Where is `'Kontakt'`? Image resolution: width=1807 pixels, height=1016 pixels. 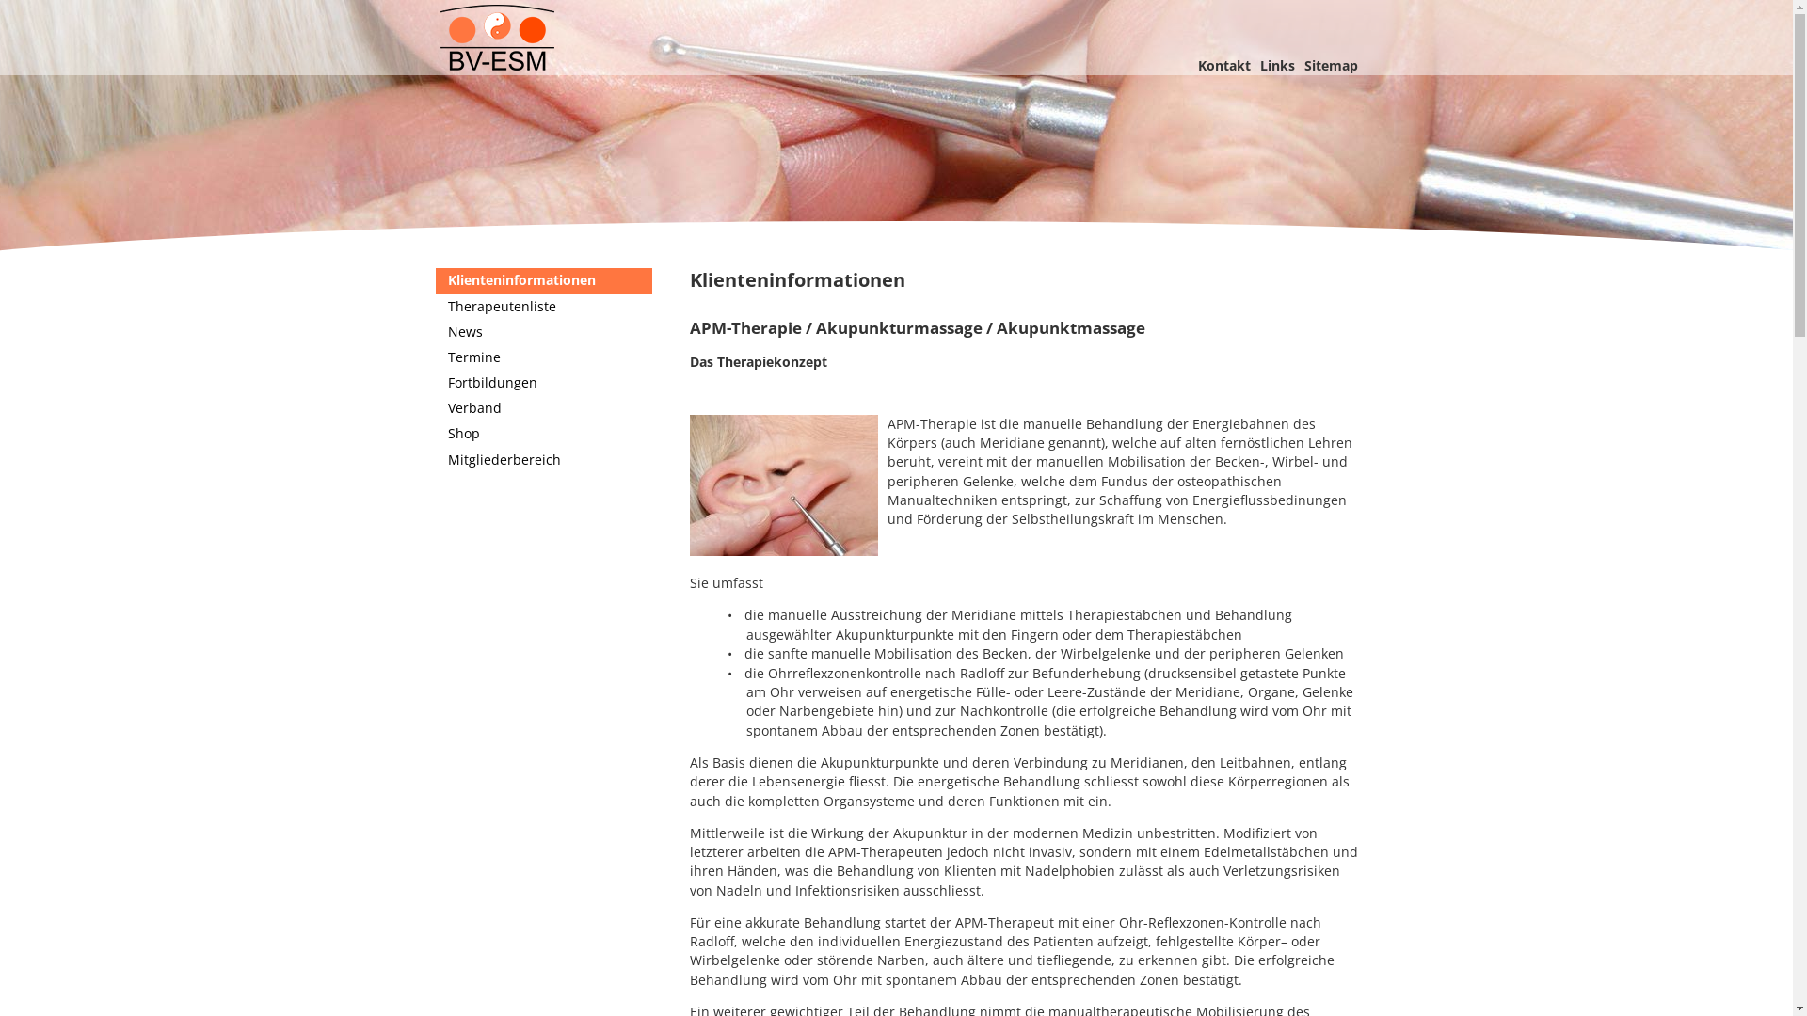 'Kontakt' is located at coordinates (1223, 64).